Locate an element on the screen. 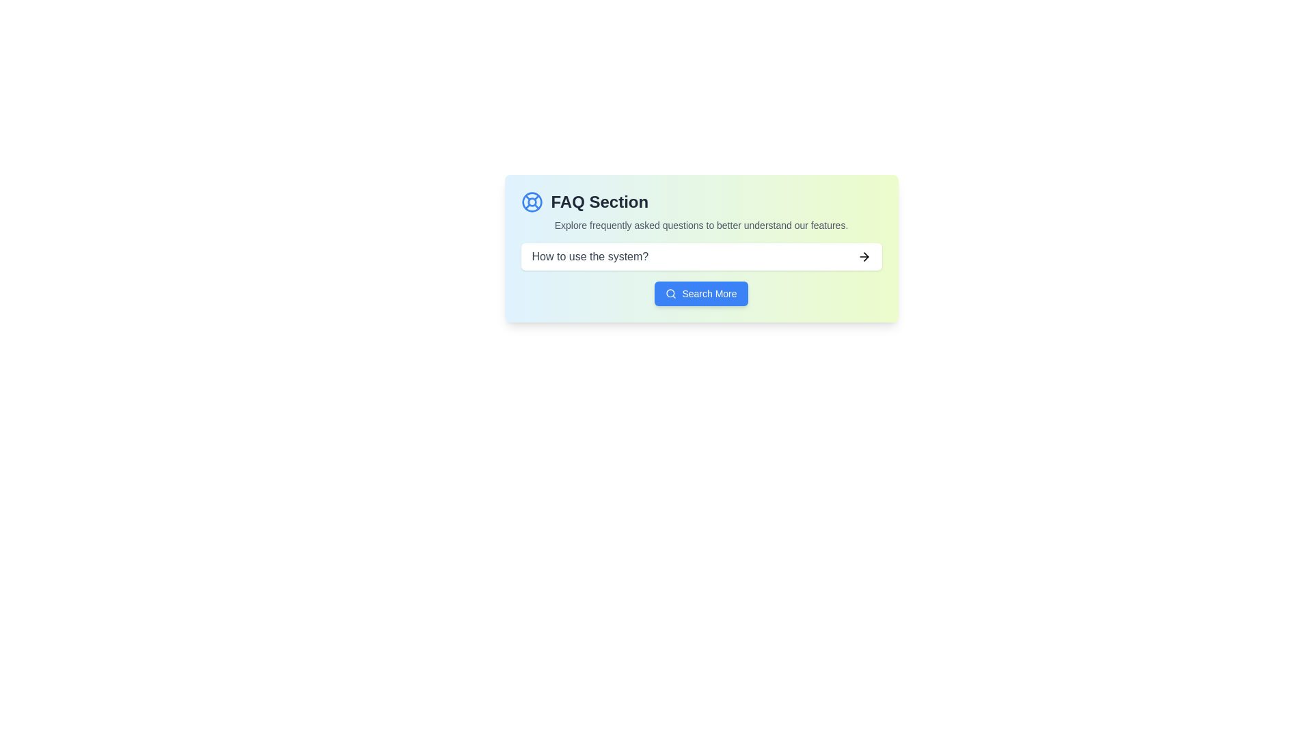 Image resolution: width=1312 pixels, height=738 pixels. the magnifying glass icon located in the bottom-right corner of the FAQ card, which represents the search functionality is located at coordinates (670, 292).